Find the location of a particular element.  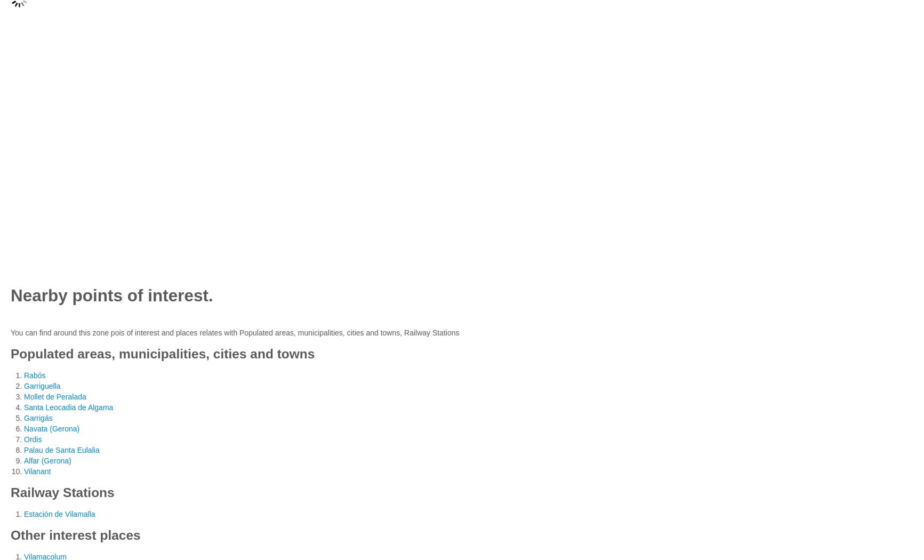

'Mollet de Peralada' is located at coordinates (54, 395).